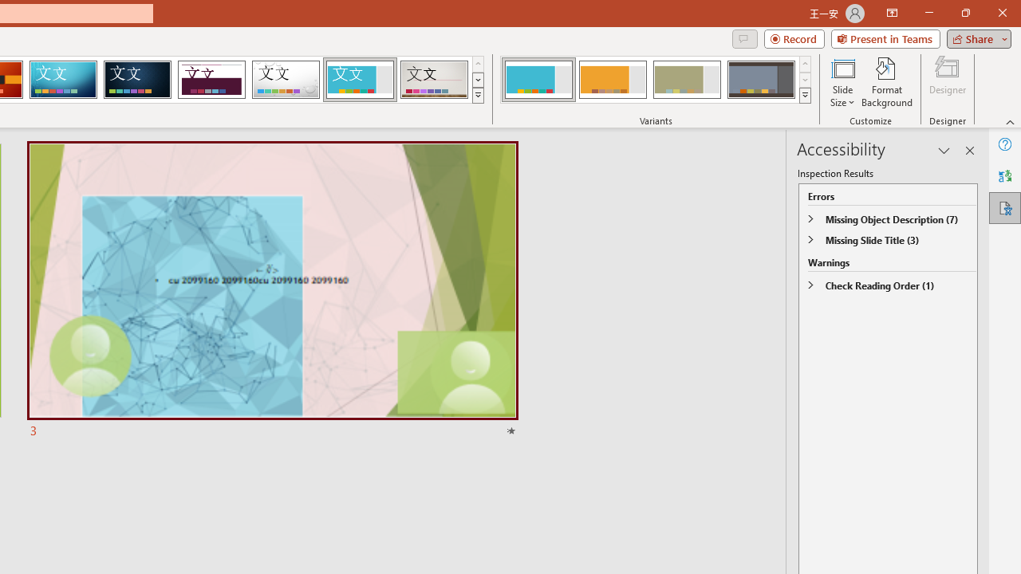 Image resolution: width=1021 pixels, height=574 pixels. I want to click on 'Frame Variant 2', so click(612, 80).